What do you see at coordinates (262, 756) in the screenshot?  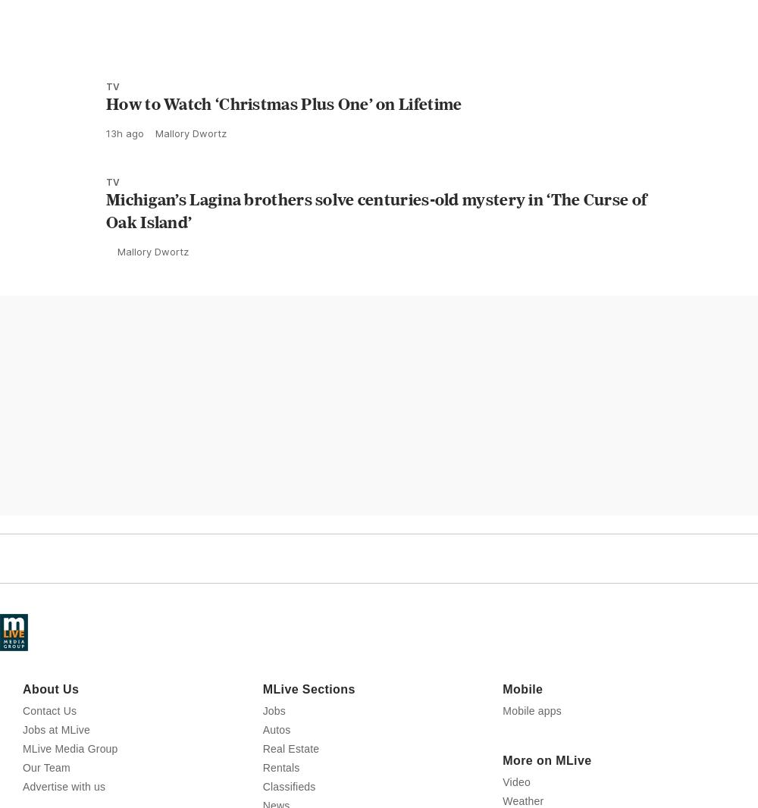 I see `'MLive Sections'` at bounding box center [262, 756].